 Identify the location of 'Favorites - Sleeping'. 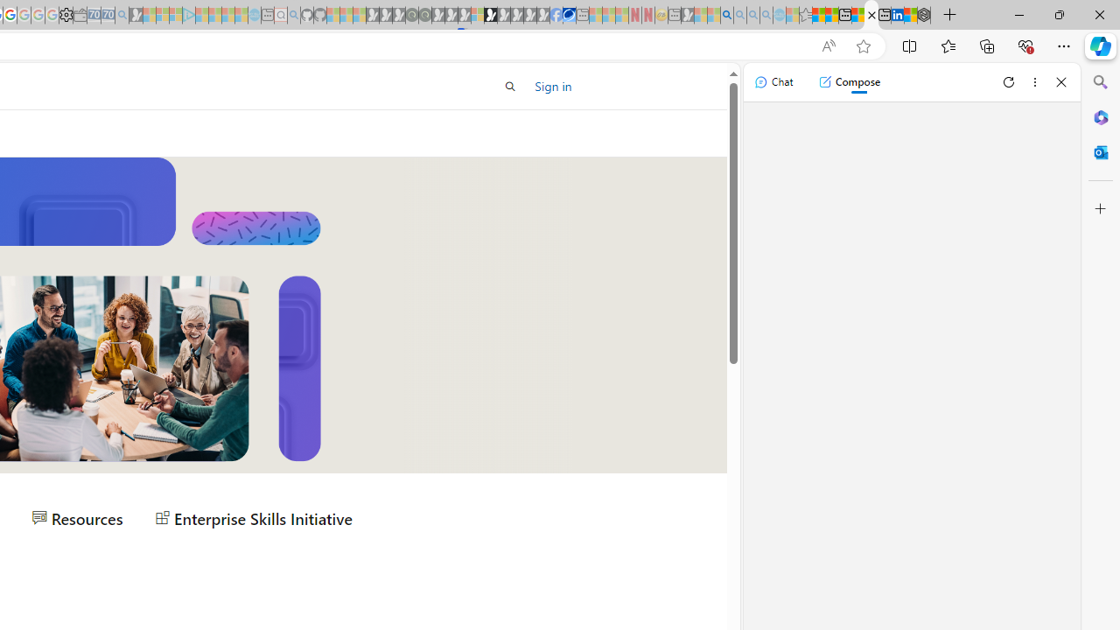
(804, 15).